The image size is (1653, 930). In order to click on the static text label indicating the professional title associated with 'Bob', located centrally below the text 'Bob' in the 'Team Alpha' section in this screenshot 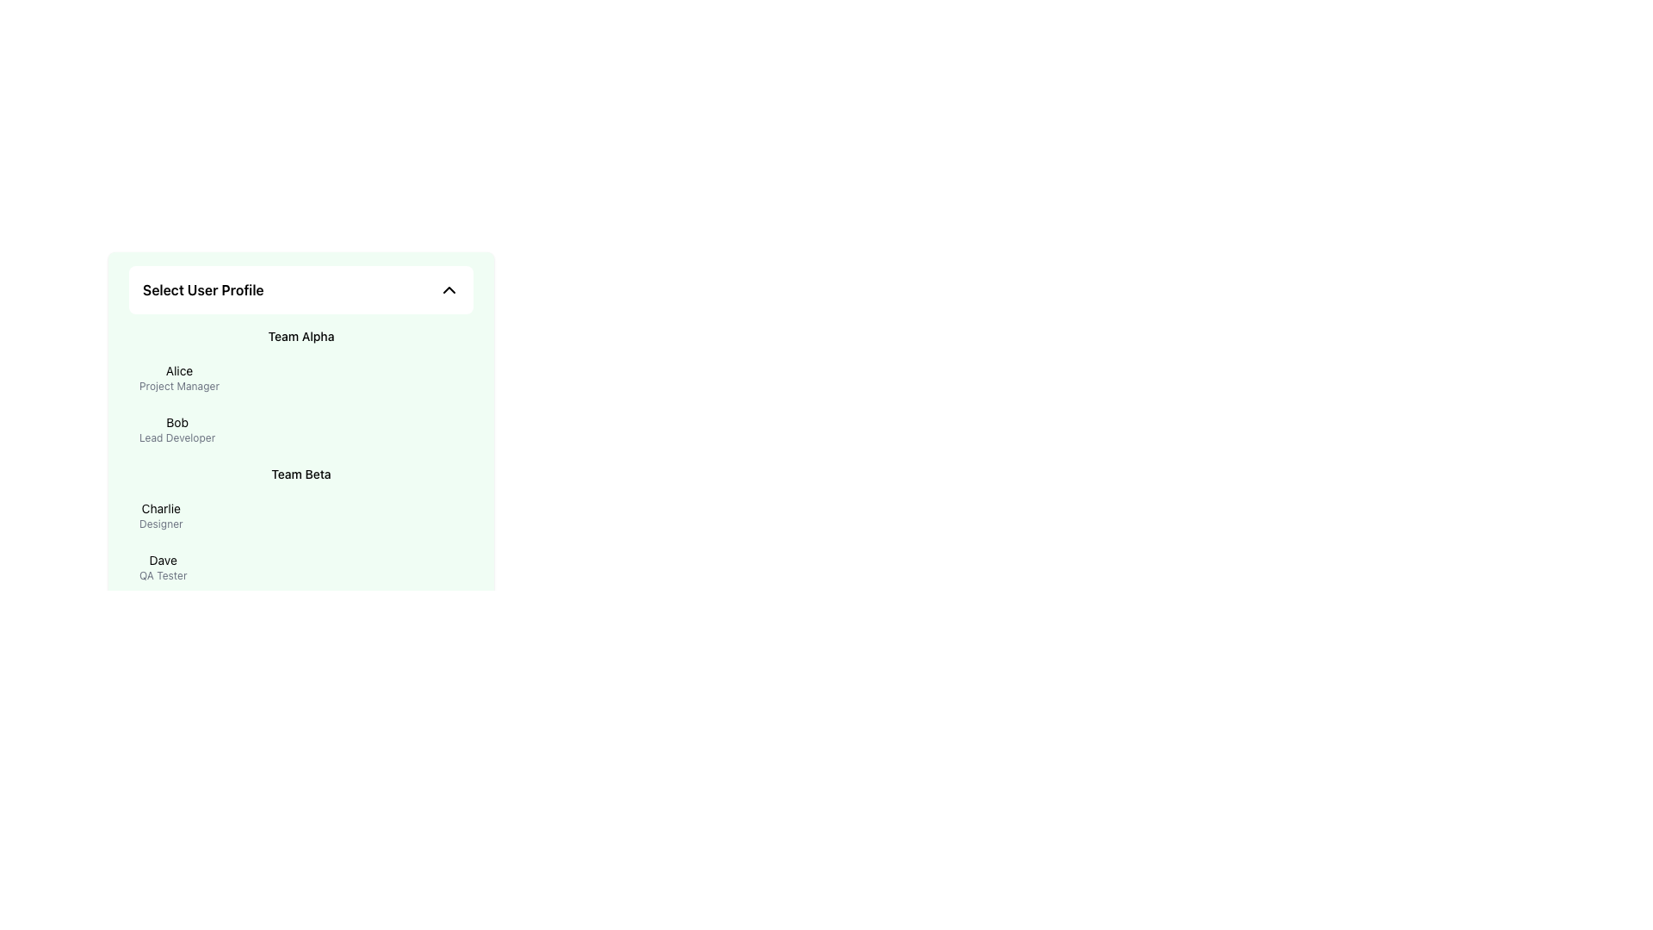, I will do `click(177, 437)`.